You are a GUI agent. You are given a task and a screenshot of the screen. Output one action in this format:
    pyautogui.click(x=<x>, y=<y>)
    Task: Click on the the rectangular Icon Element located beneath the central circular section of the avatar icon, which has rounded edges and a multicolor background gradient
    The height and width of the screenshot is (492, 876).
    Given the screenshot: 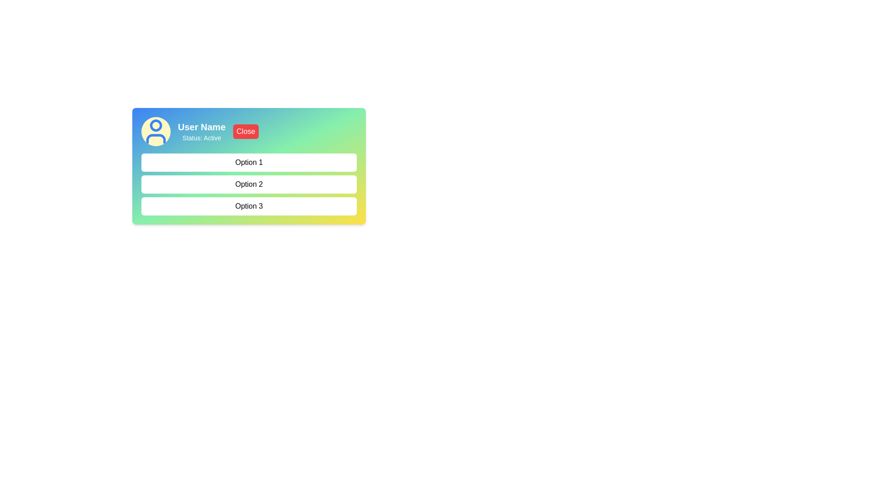 What is the action you would take?
    pyautogui.click(x=156, y=138)
    